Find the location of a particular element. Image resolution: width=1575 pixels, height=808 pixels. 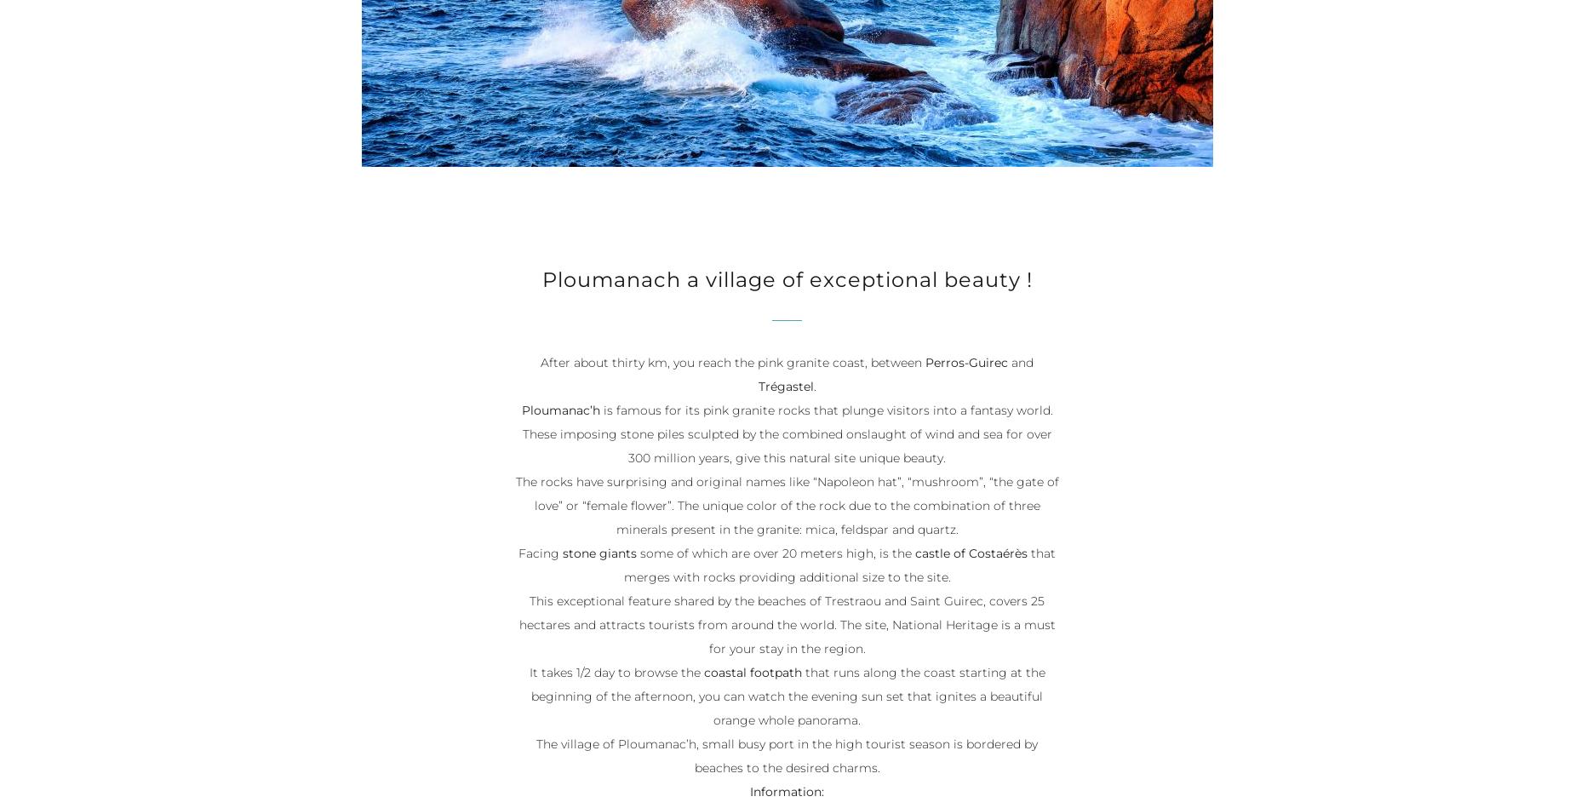

'is famous for its pink granite rocks that plunge visitors into a fantasy world. These imposing stone piles sculpted by the combined onslaught of wind and sea for over 300 million years, give this natural site unique beauty.' is located at coordinates (787, 434).